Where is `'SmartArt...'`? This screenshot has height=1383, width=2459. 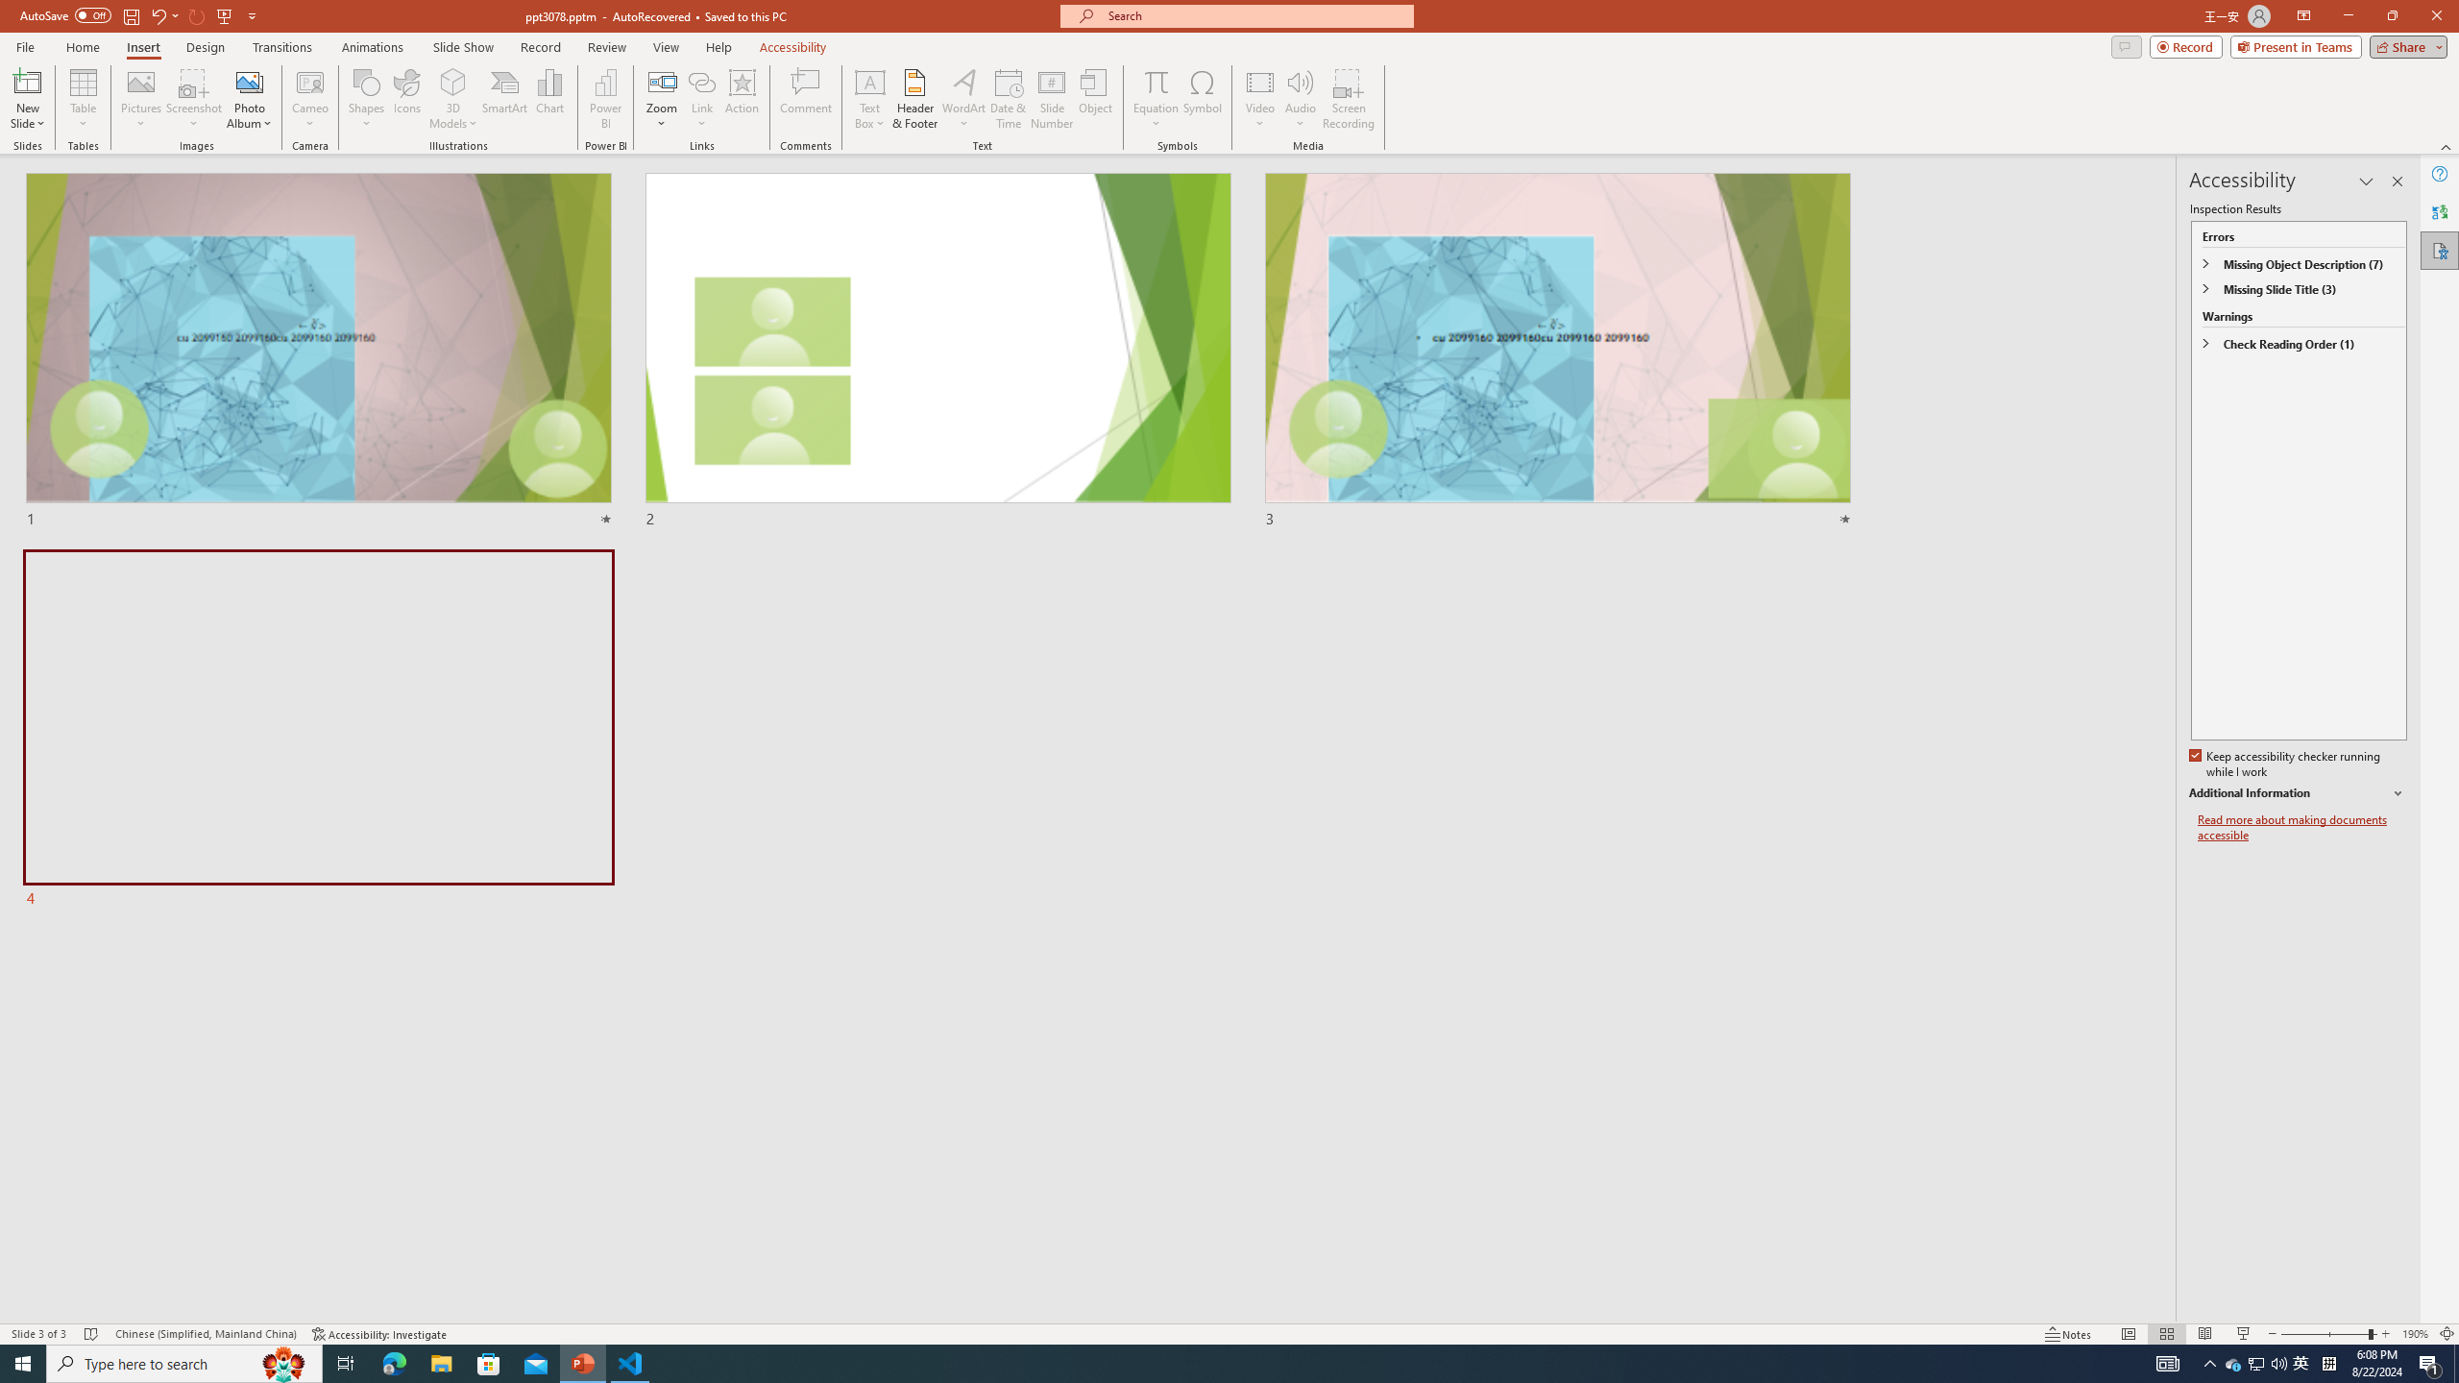
'SmartArt...' is located at coordinates (504, 99).